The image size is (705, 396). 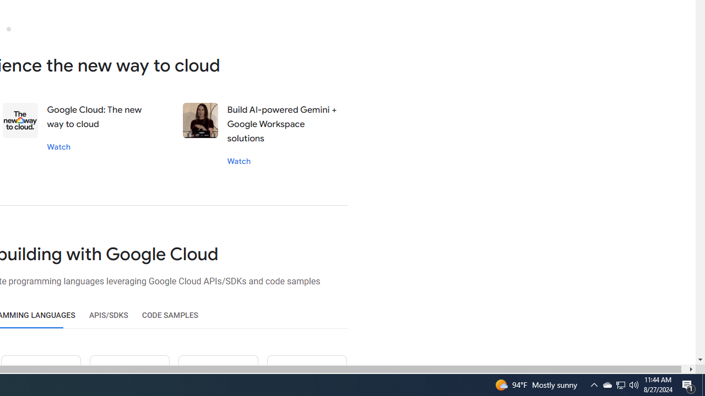 I want to click on 'CODE SAMPLES', so click(x=170, y=315).